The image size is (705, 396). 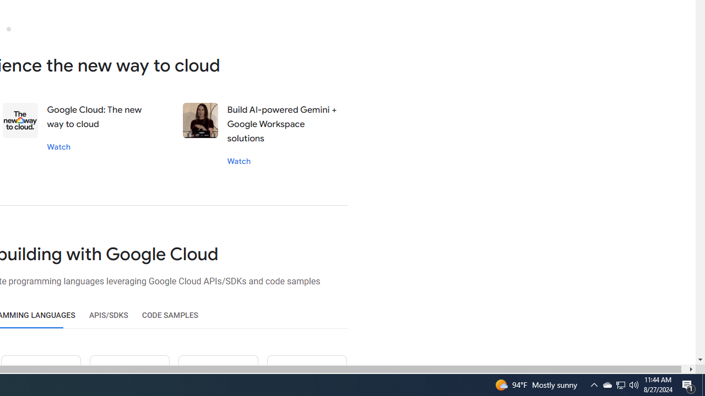 I want to click on 'CODE SAMPLES', so click(x=170, y=315).